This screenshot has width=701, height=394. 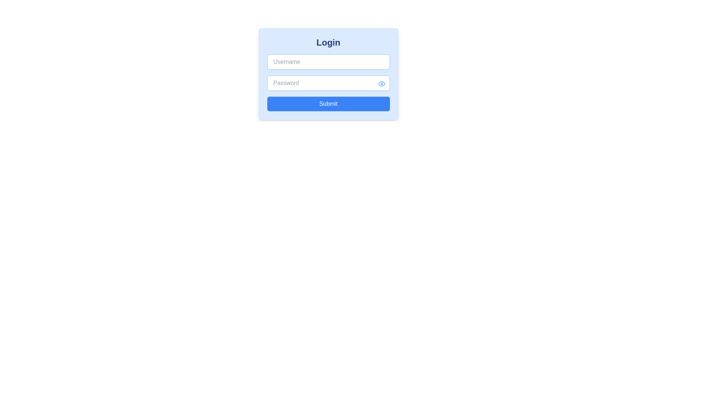 I want to click on the password input field located below the 'Username' field and above the 'Submit' button in the login form, so click(x=328, y=74).